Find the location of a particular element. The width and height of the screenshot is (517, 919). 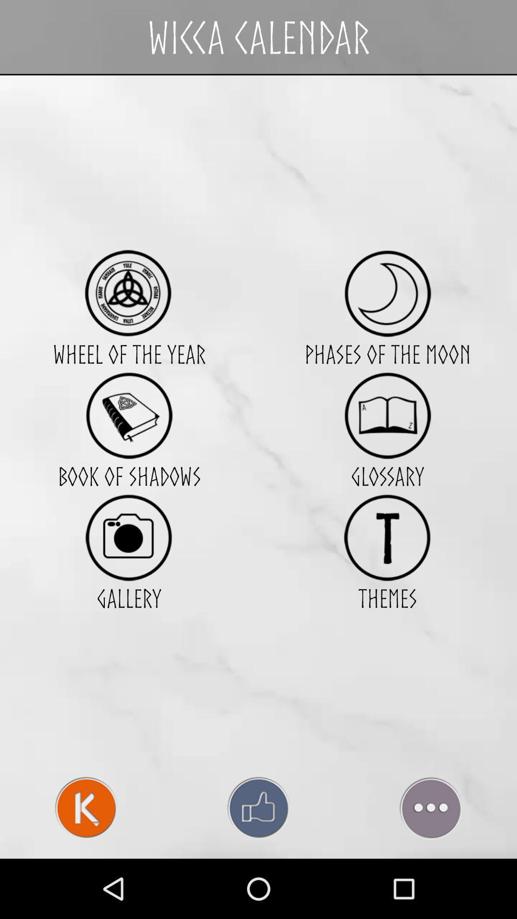

icon is located at coordinates (128, 293).